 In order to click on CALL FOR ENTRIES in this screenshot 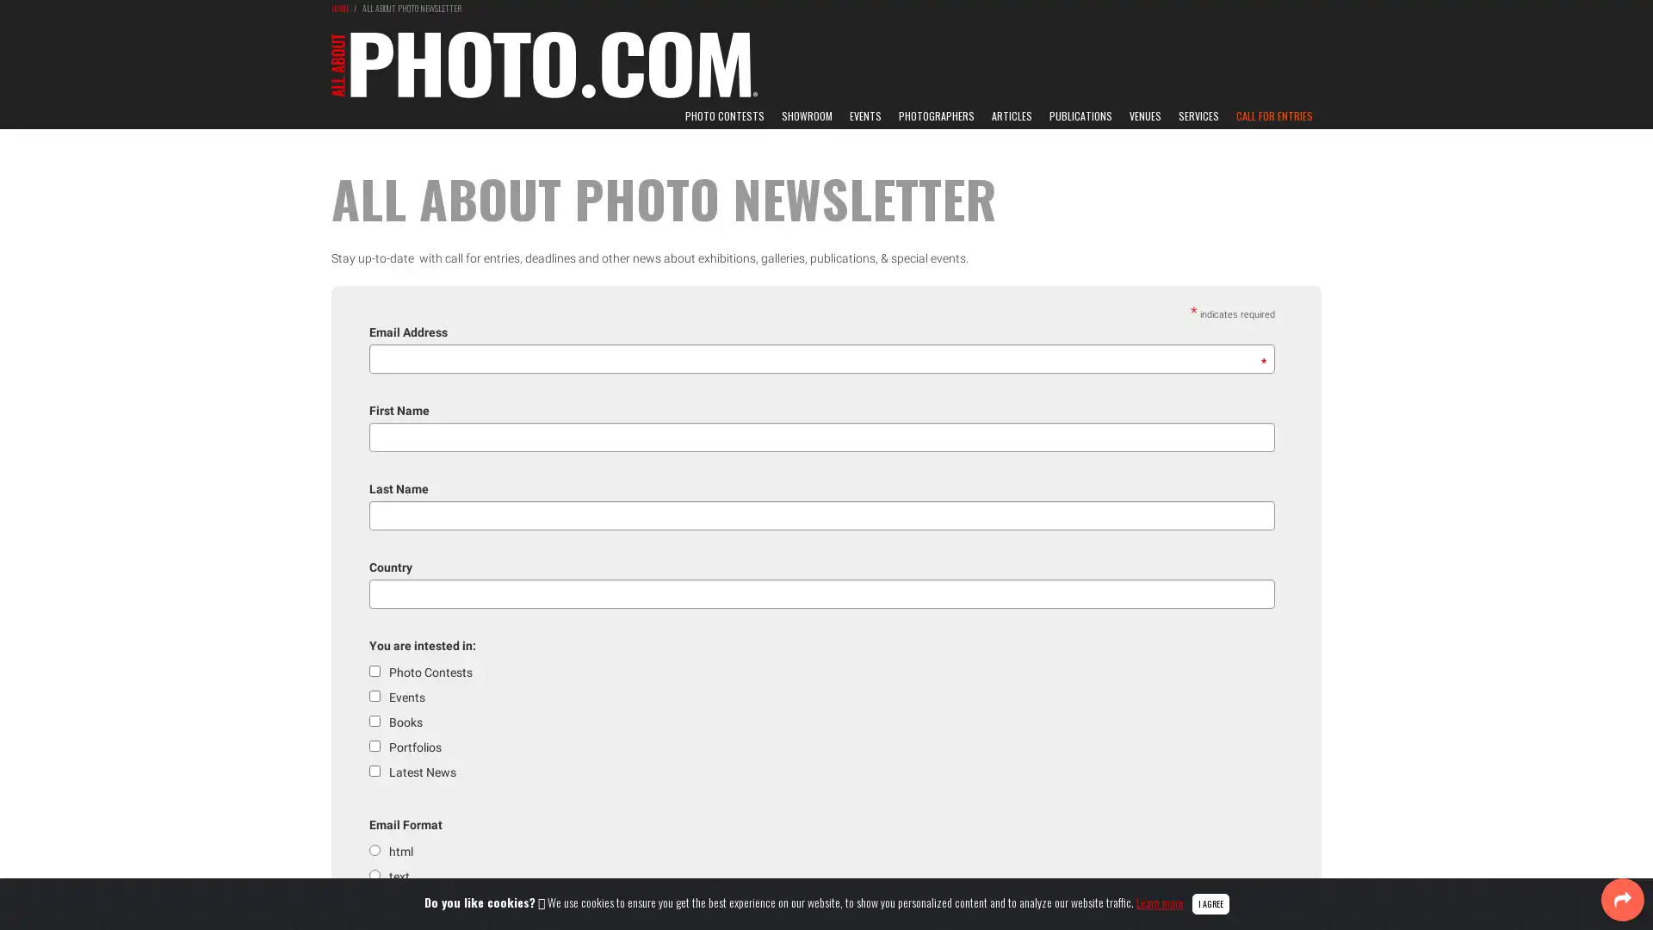, I will do `click(1274, 116)`.